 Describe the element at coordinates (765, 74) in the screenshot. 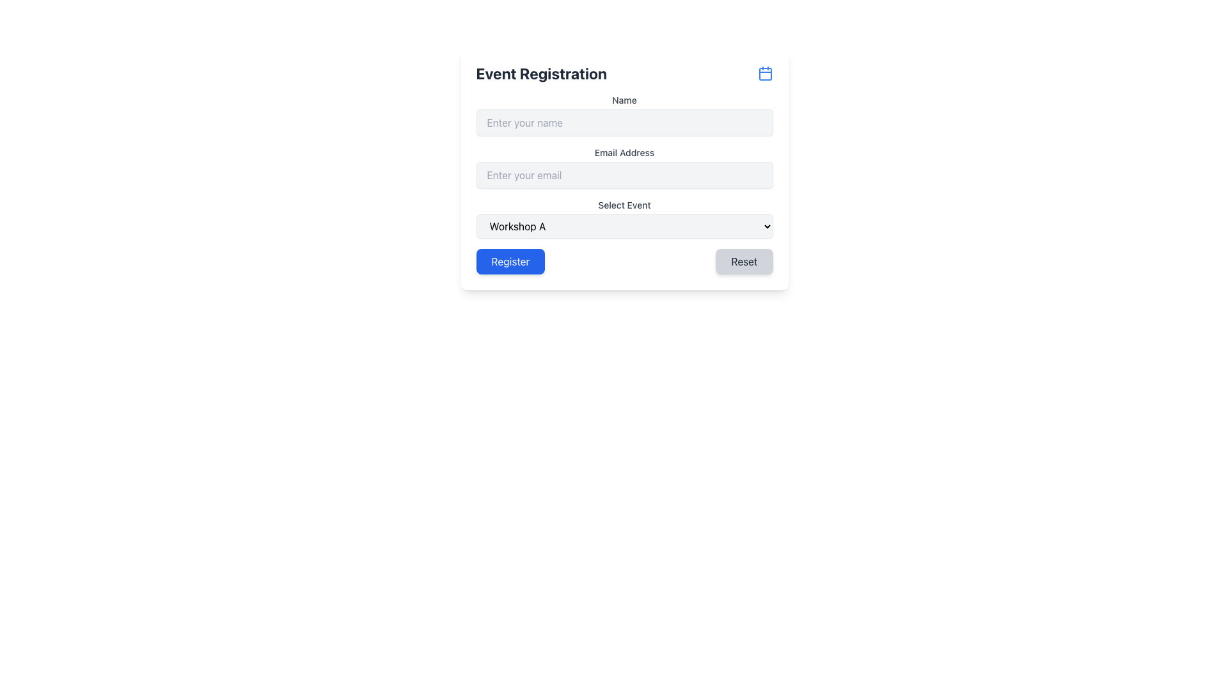

I see `the interactive calendar icon located at the top-right corner of the 'Event Registration' section header` at that location.